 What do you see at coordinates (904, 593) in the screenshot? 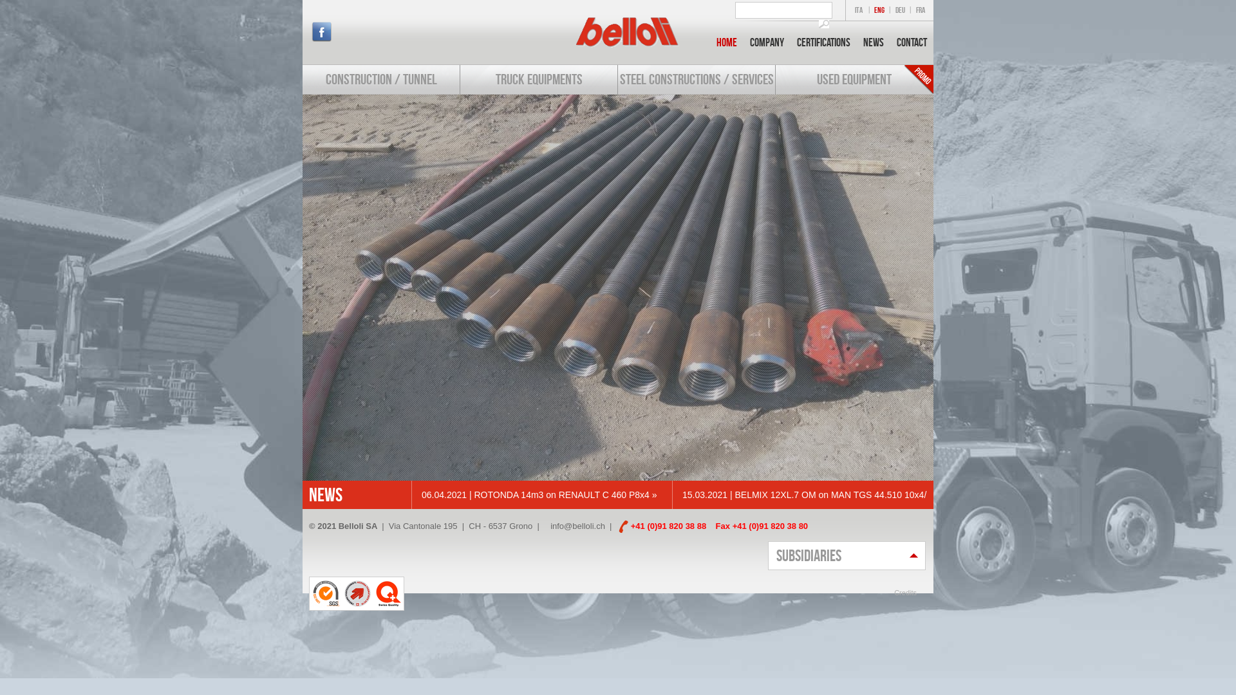
I see `'Credits'` at bounding box center [904, 593].